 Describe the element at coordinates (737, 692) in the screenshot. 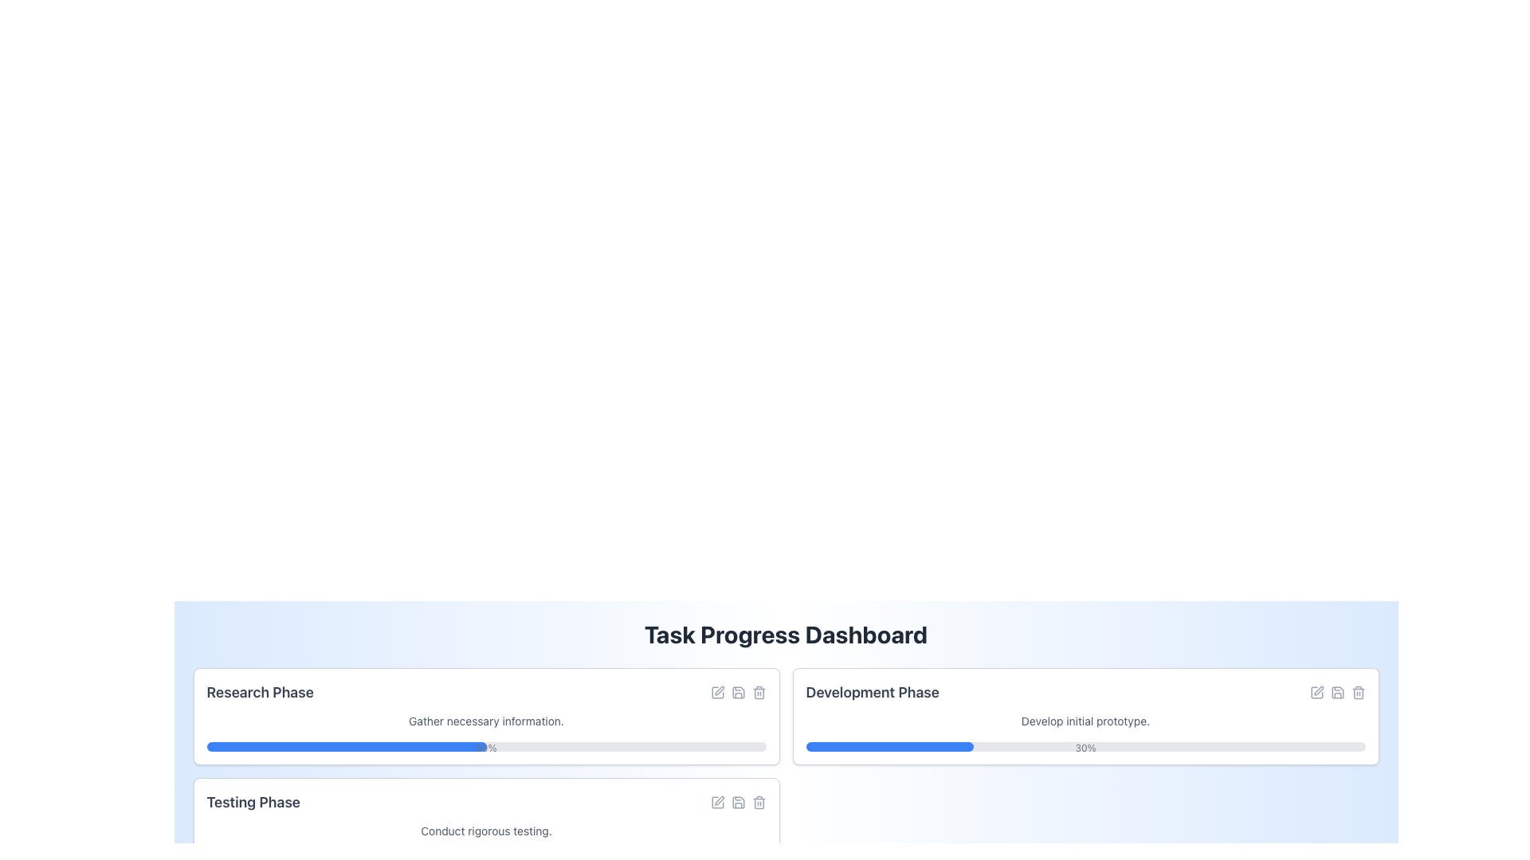

I see `the save icon located in the 'Research Phase' section of the dashboard, which visually indicates the save functionality` at that location.